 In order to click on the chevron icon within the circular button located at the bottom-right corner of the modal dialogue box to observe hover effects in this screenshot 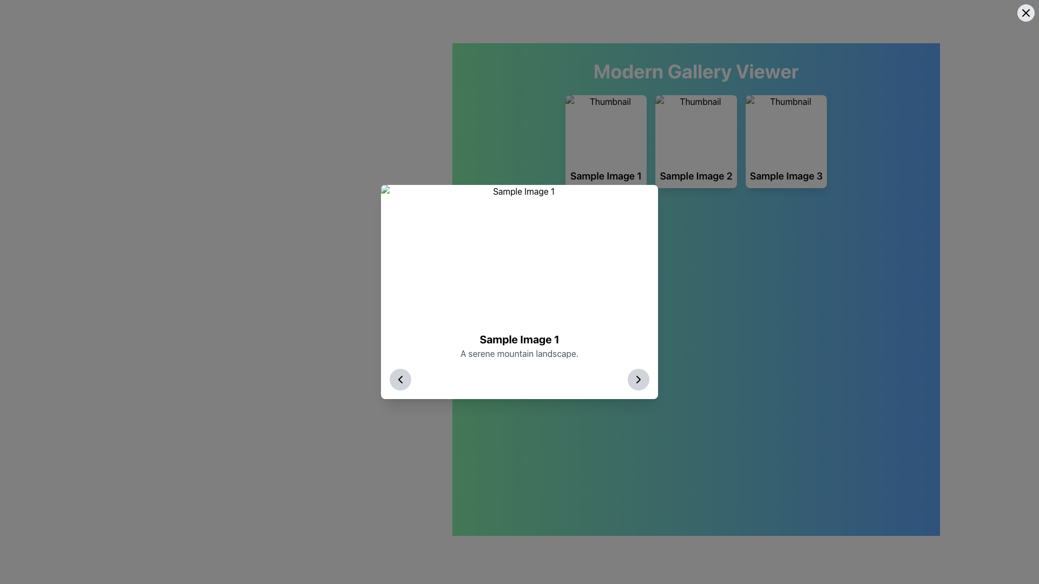, I will do `click(639, 379)`.